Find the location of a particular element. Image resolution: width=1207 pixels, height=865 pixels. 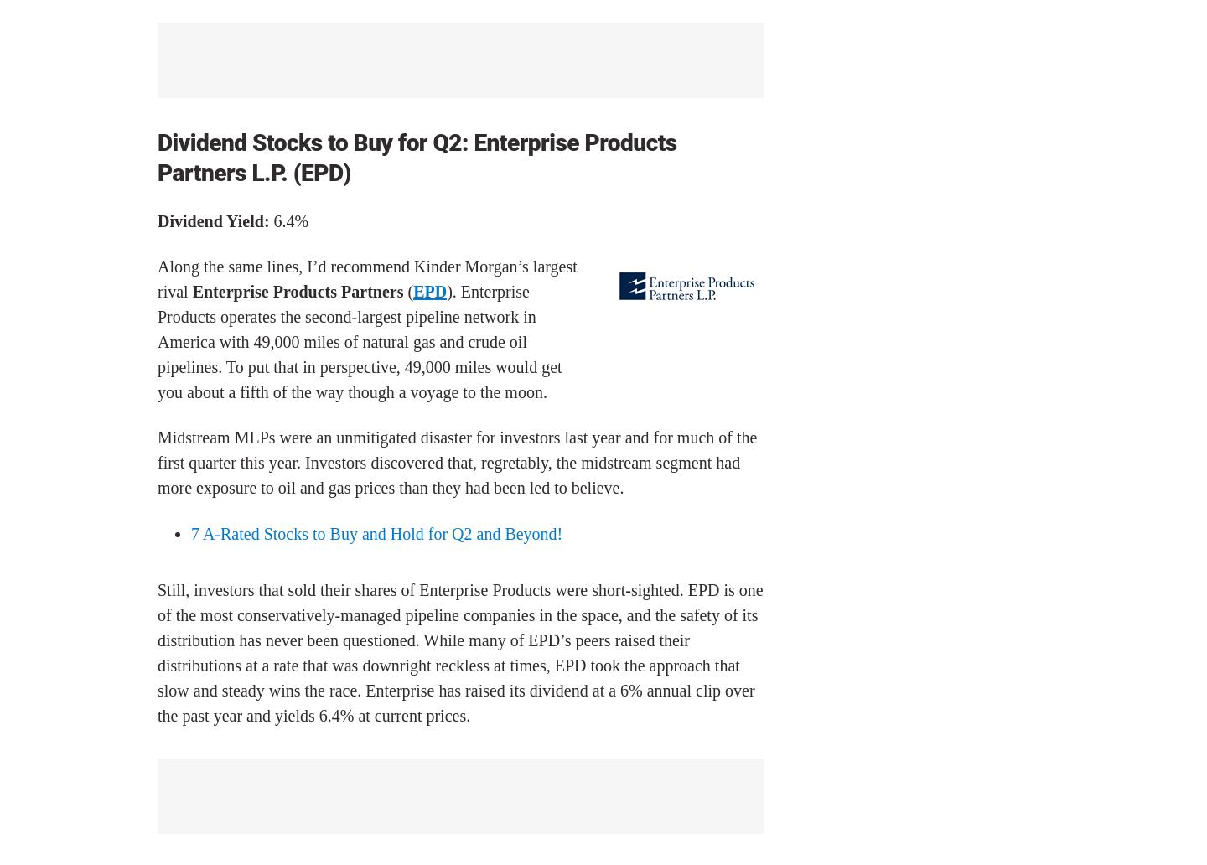

'Enterprise Products Partners L.P. (EPD)' is located at coordinates (416, 156).